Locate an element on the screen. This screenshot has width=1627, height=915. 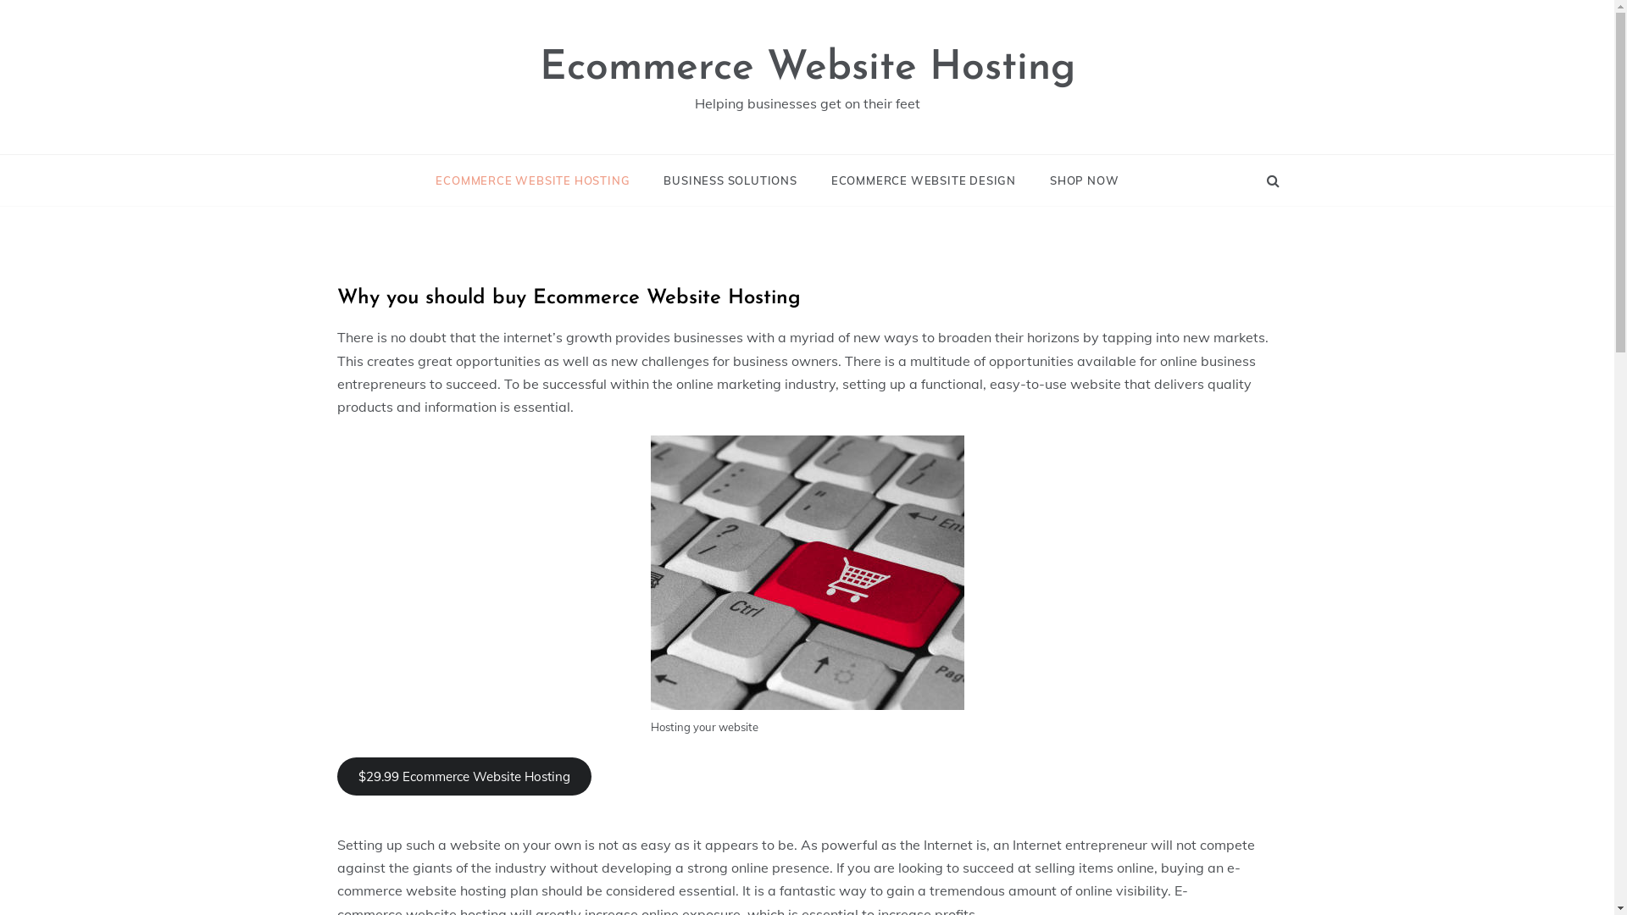
'$29.99 Ecommerce Website Hosting' is located at coordinates (464, 776).